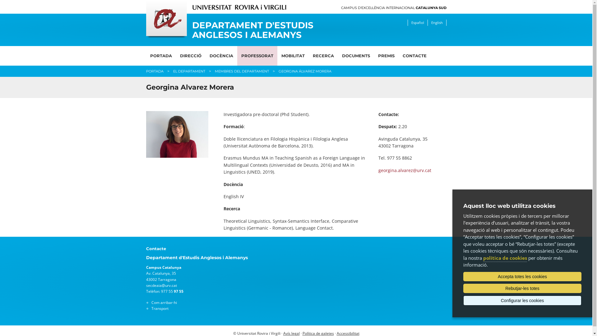 This screenshot has height=336, width=597. I want to click on 'PORTADA', so click(161, 55).